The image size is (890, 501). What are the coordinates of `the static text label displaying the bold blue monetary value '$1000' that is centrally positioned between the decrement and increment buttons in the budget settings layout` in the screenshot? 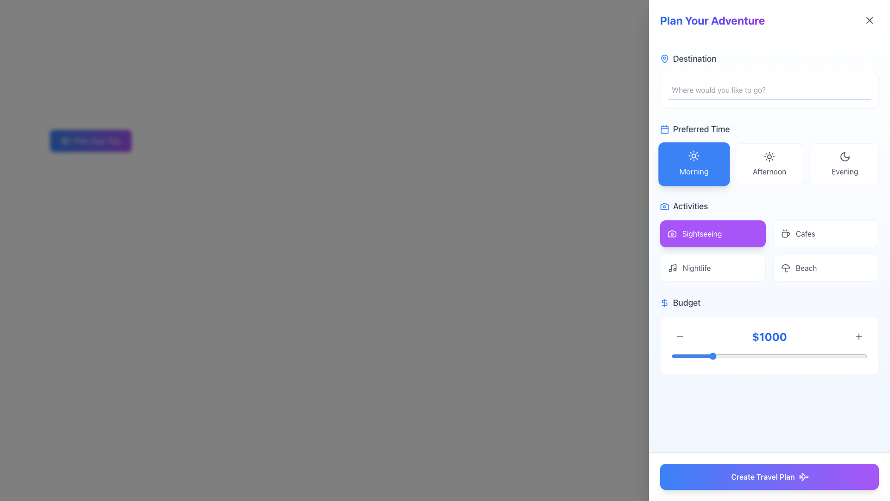 It's located at (769, 336).